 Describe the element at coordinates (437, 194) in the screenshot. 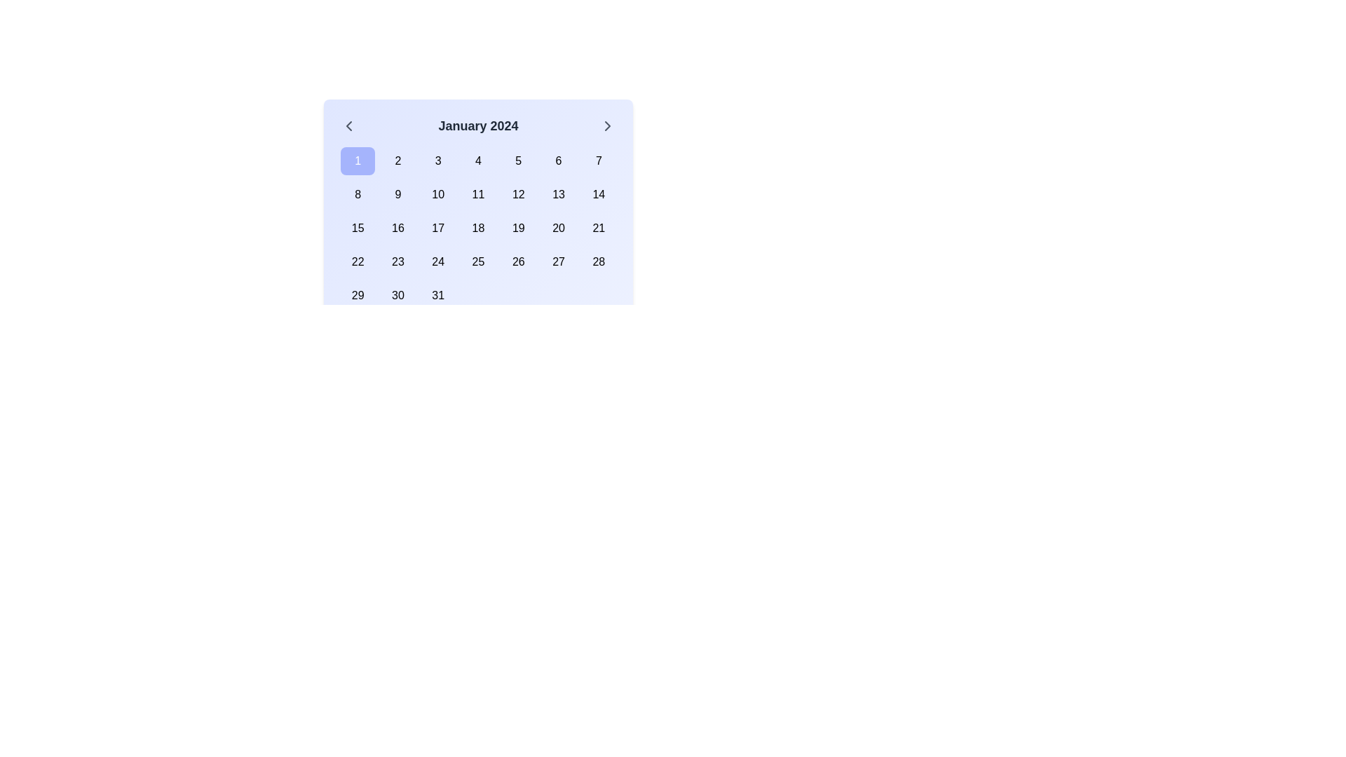

I see `the button displaying the text '10' located in the second row and third column of the January 2024 calendar grid` at that location.